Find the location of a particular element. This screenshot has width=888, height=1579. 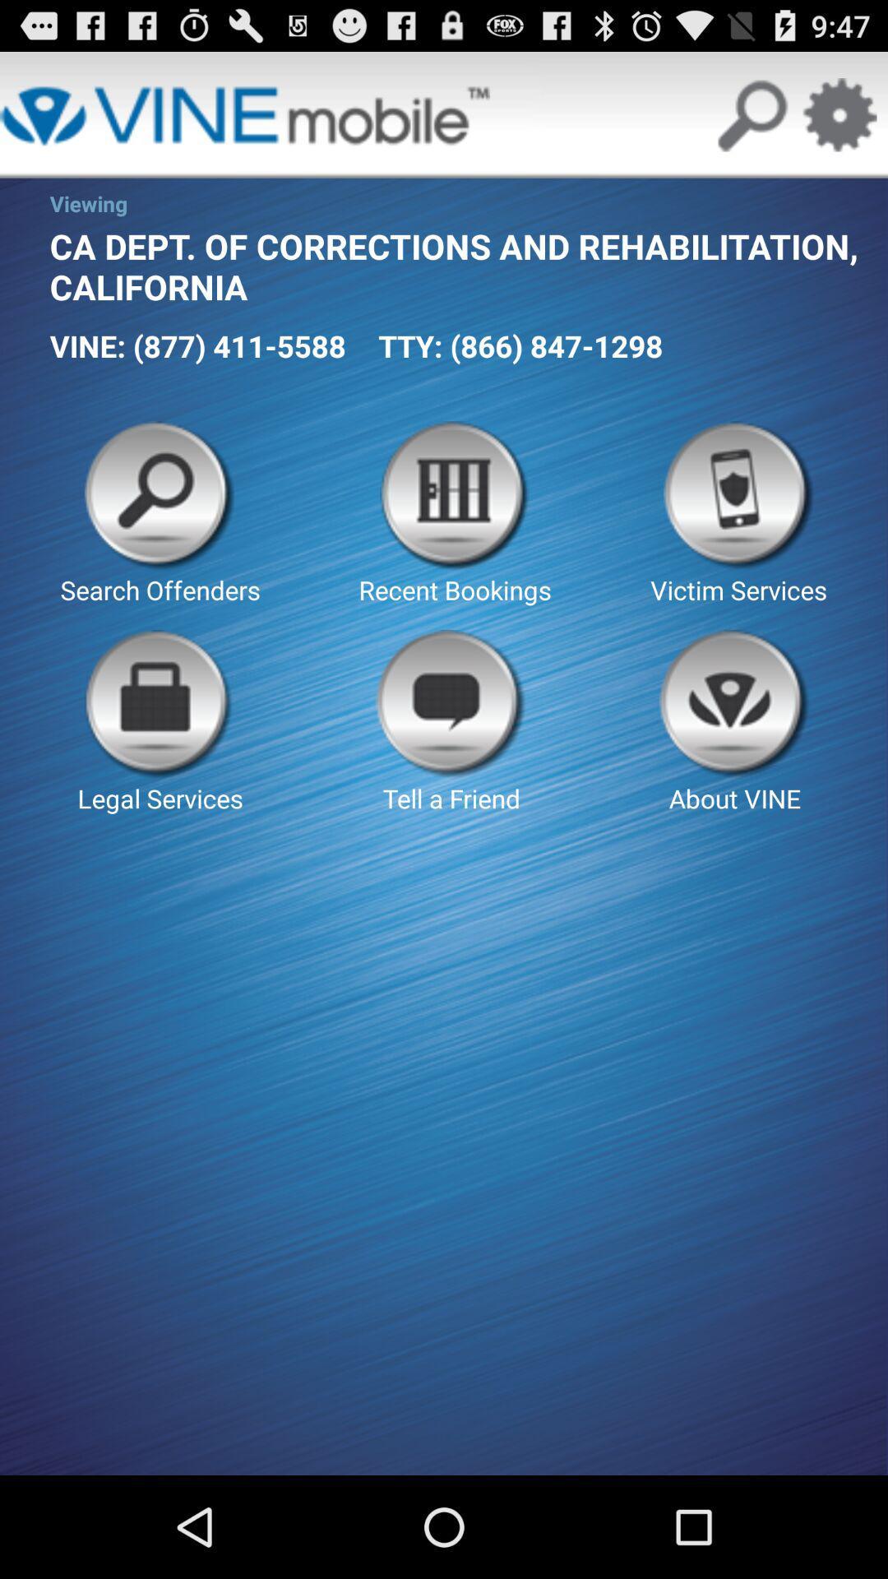

the button above the recent bookings button is located at coordinates (520, 345).